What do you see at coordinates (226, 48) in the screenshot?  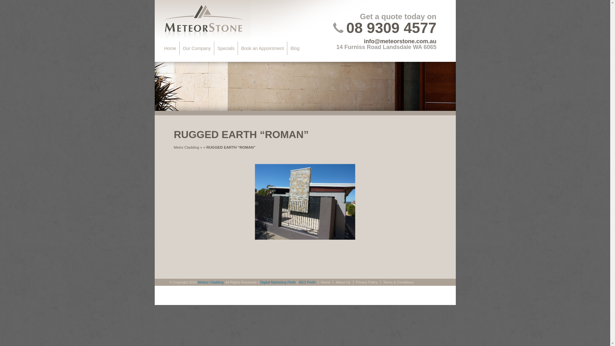 I see `'Specials'` at bounding box center [226, 48].